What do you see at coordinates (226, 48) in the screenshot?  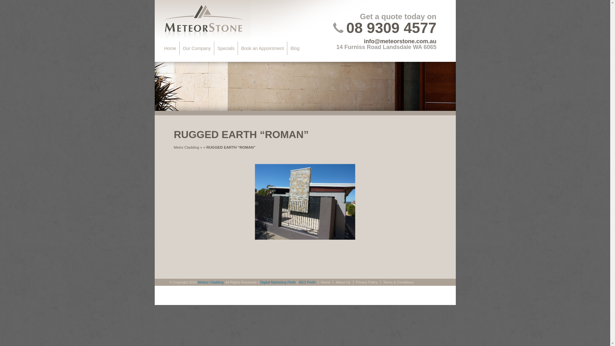 I see `'Specials'` at bounding box center [226, 48].